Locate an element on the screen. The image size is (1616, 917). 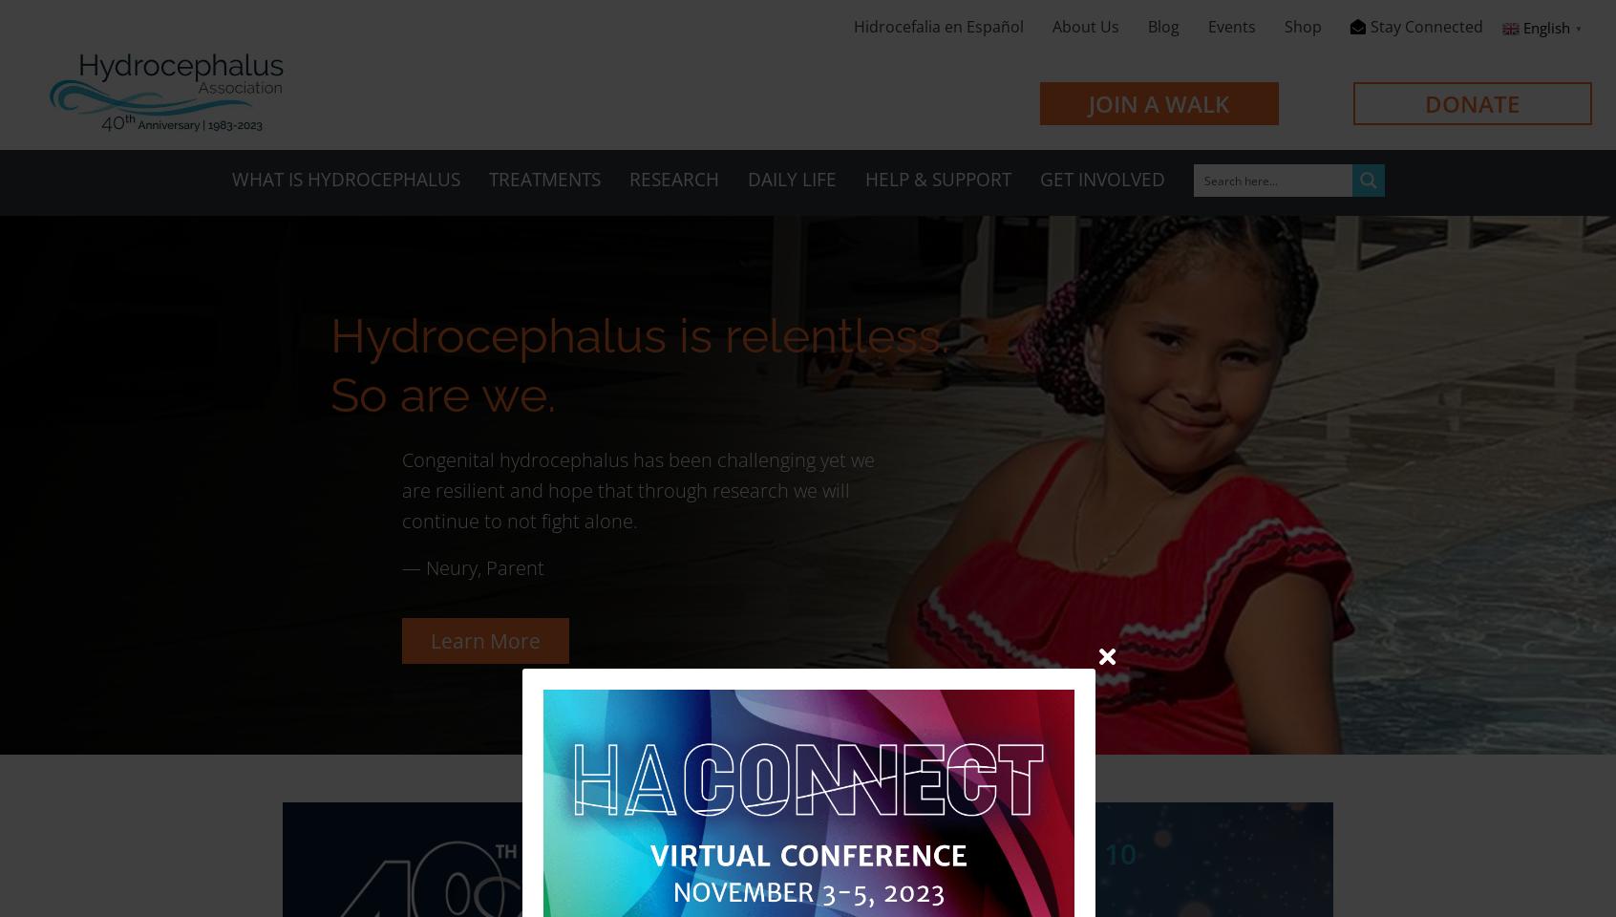
'About Us' is located at coordinates (1085, 26).